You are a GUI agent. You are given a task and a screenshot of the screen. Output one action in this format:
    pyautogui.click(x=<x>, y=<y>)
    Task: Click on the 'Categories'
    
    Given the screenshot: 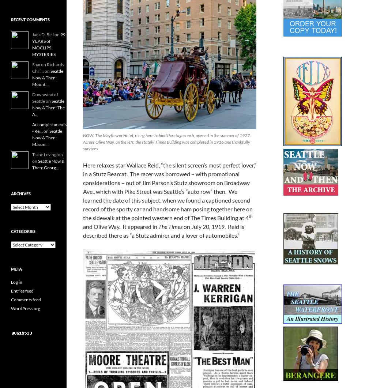 What is the action you would take?
    pyautogui.click(x=23, y=231)
    